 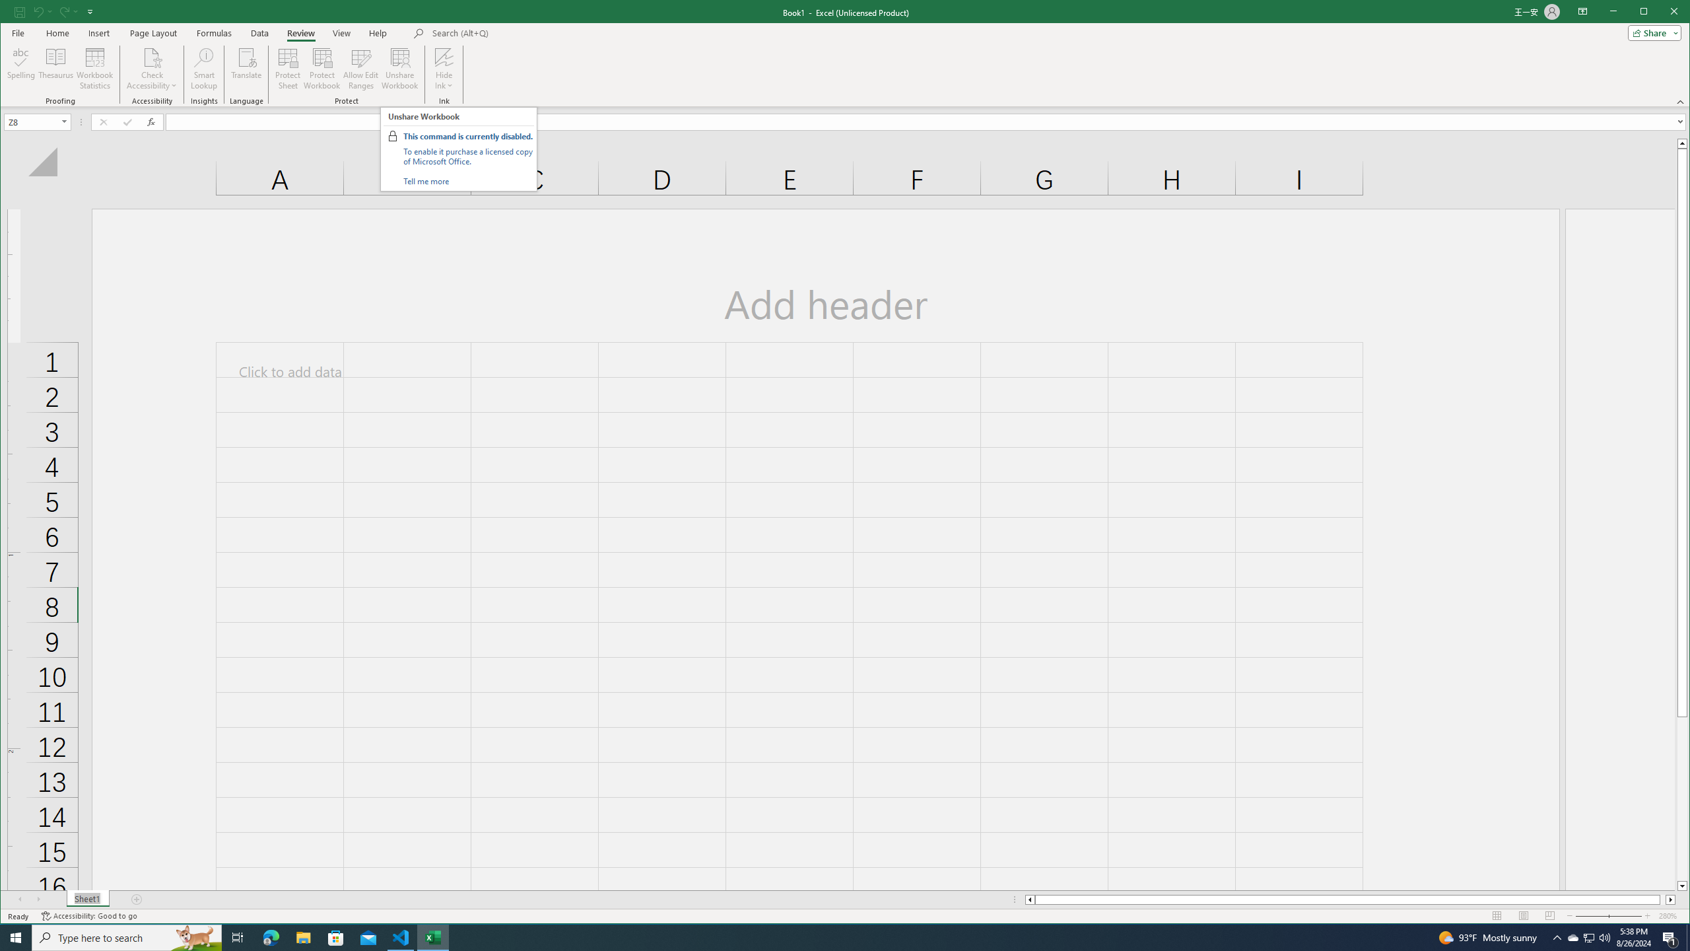 I want to click on 'Translate', so click(x=246, y=68).